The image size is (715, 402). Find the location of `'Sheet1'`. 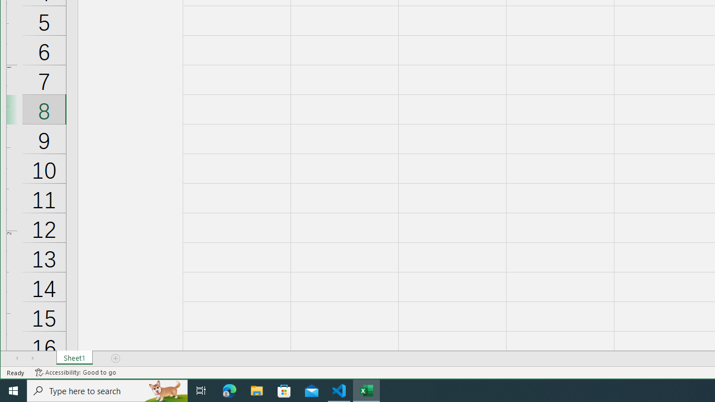

'Sheet1' is located at coordinates (74, 358).